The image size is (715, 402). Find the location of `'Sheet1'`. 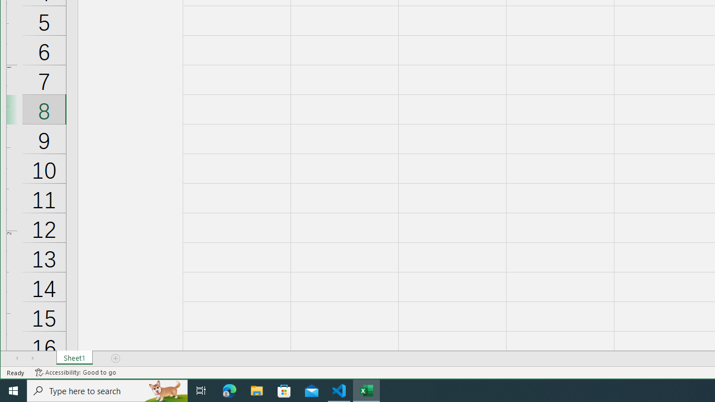

'Sheet1' is located at coordinates (74, 358).